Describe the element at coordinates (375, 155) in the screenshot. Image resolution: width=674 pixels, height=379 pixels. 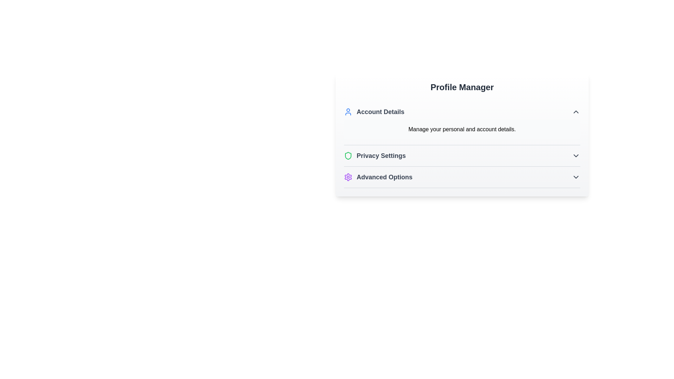
I see `the privacy-related settings icon in the second item of the list under the 'Account Details' section for more information` at that location.